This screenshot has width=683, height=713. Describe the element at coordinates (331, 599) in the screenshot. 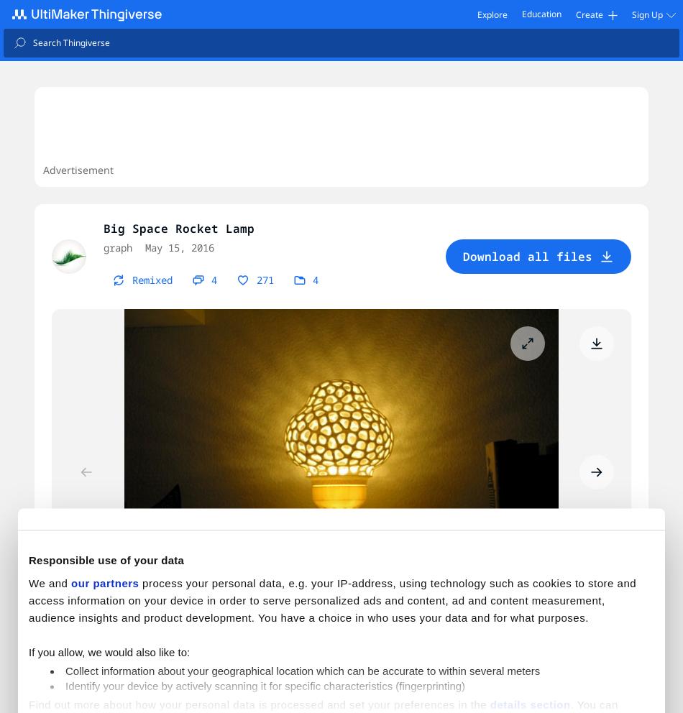

I see `'process your personal data, e.g. your IP-address, using technology such as cookies to store and access information on your device in order to serve personalized ads and content, ad and content measurement, audience insights and product development. You have a choice in who uses your data and for what purposes.'` at that location.